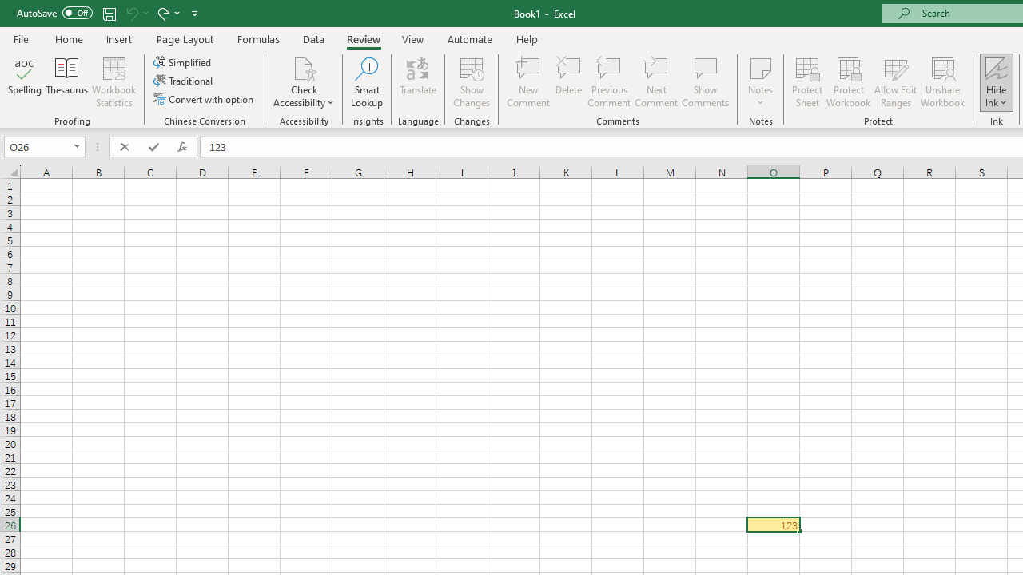  I want to click on 'Save', so click(108, 13).